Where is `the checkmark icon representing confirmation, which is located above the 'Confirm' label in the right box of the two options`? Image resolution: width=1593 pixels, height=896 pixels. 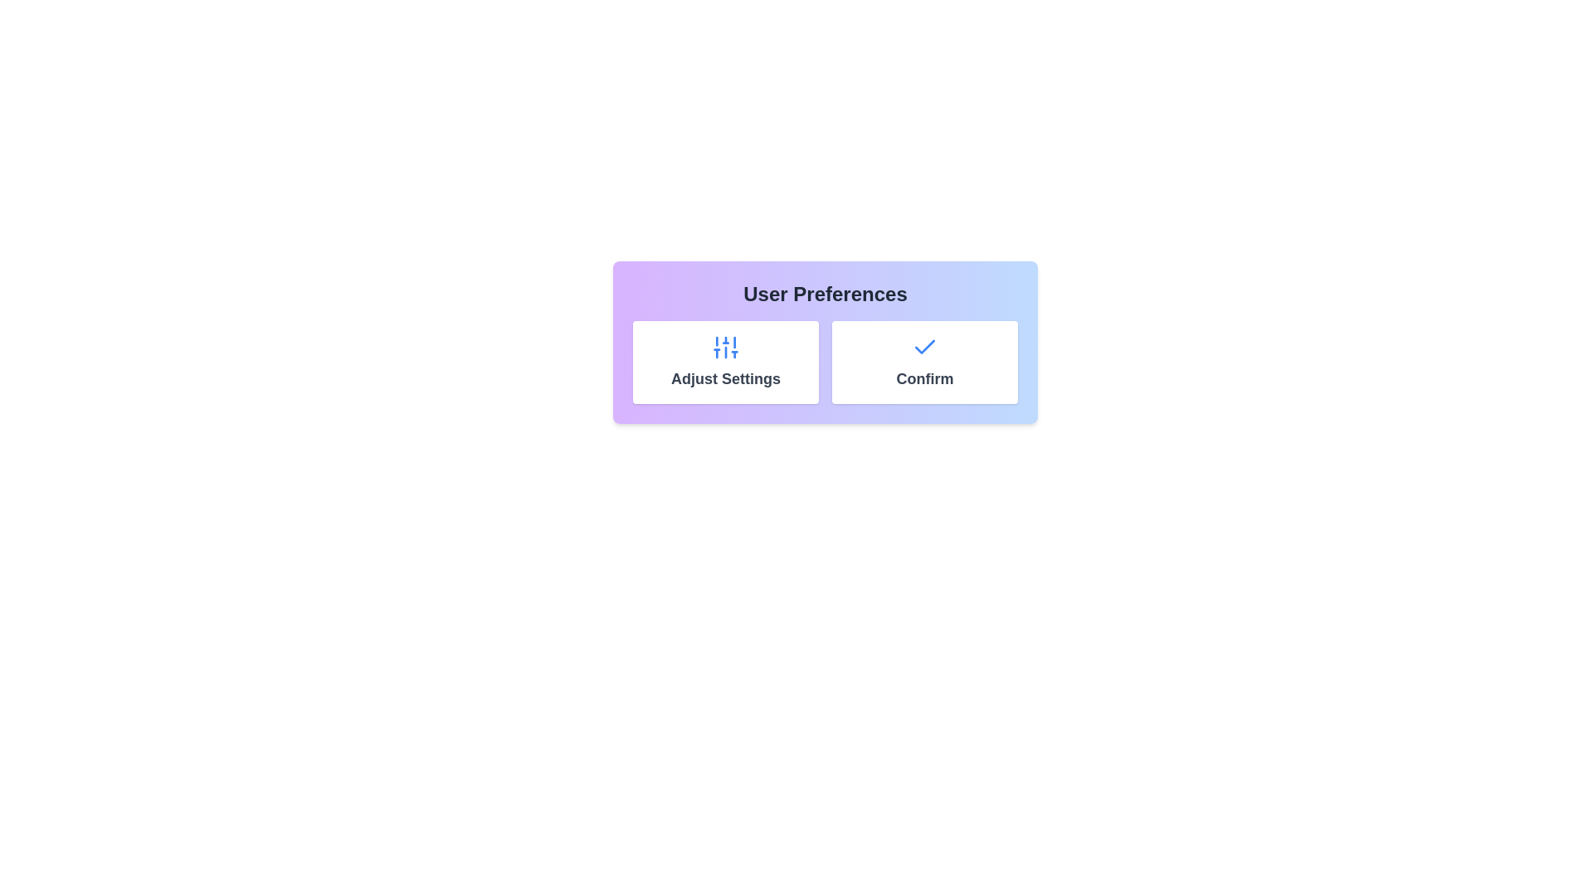
the checkmark icon representing confirmation, which is located above the 'Confirm' label in the right box of the two options is located at coordinates (923, 347).